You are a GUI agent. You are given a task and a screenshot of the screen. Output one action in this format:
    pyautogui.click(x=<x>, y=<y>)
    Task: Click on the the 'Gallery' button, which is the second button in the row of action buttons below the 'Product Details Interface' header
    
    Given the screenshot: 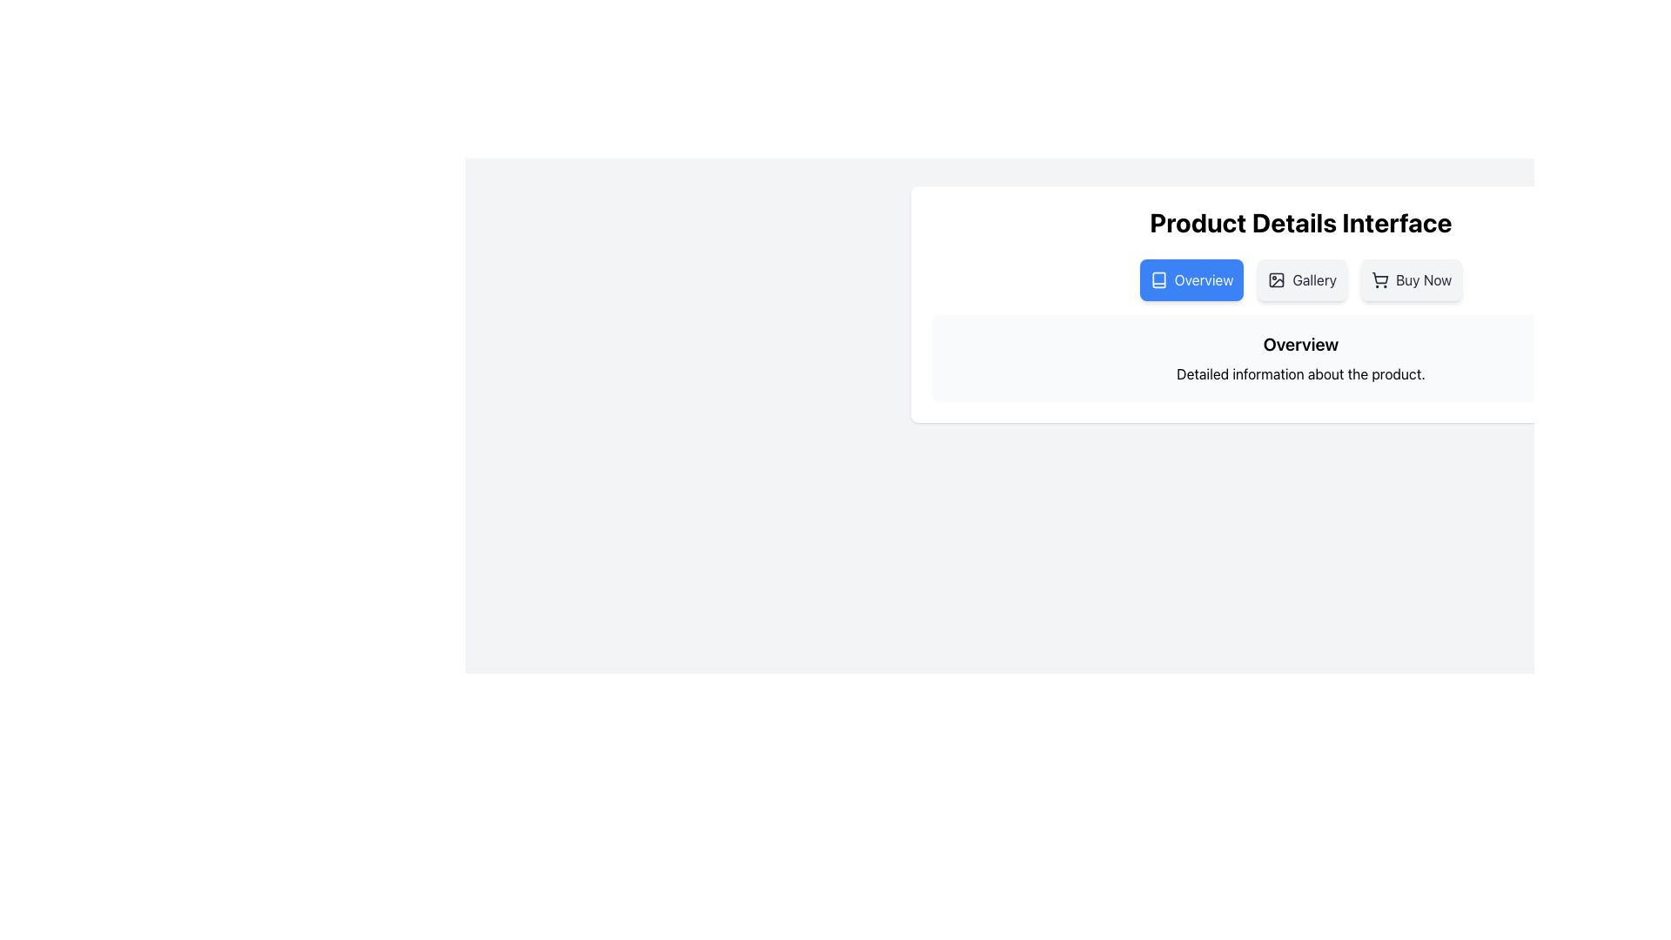 What is the action you would take?
    pyautogui.click(x=1314, y=279)
    